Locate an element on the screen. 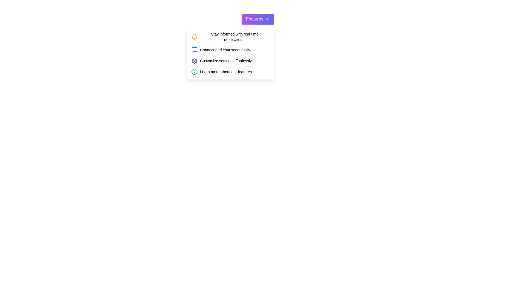 This screenshot has width=526, height=295. the decorative or informational icon located to the left of the text 'Learn more about our features.' positioned at the bottom of the list in the interface is located at coordinates (195, 71).